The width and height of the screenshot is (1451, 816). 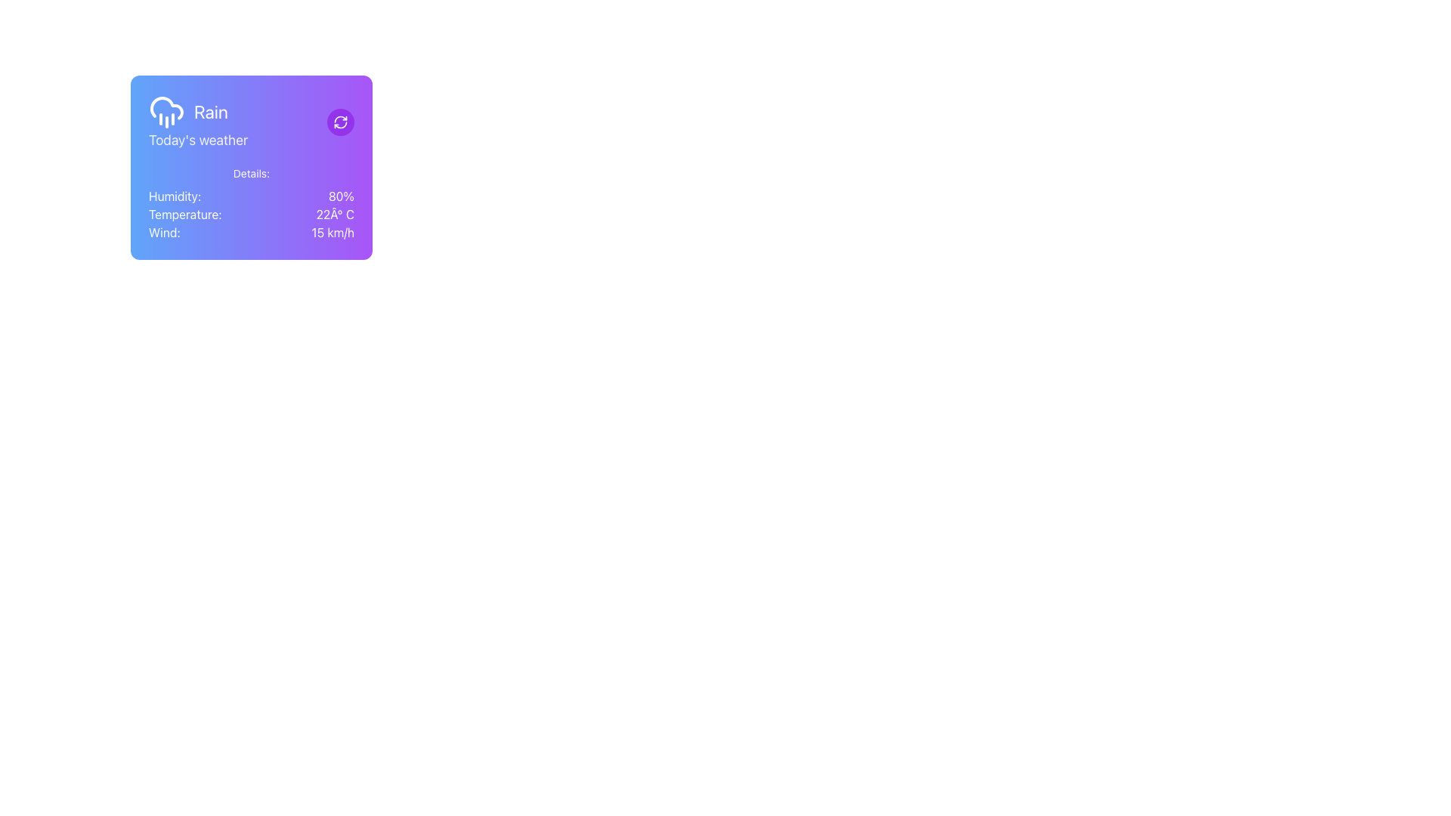 I want to click on the Text Label element displaying the text 'Today's weather', which is styled with a light gray font color on a gradient background and is located directly below the text 'Rain' within a card component, so click(x=197, y=140).